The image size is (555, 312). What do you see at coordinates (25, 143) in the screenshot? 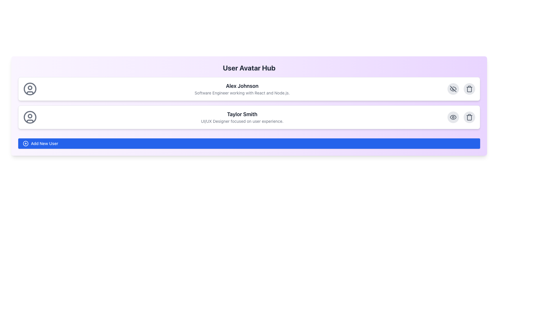
I see `the Circle element within the SVG graphic that represents the add new user button, located at the bottom-left corner of the interface` at bounding box center [25, 143].